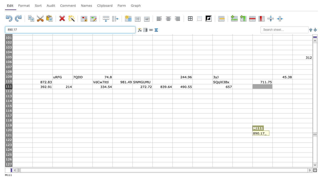 The image size is (320, 180). I want to click on B122, so click(42, 140).